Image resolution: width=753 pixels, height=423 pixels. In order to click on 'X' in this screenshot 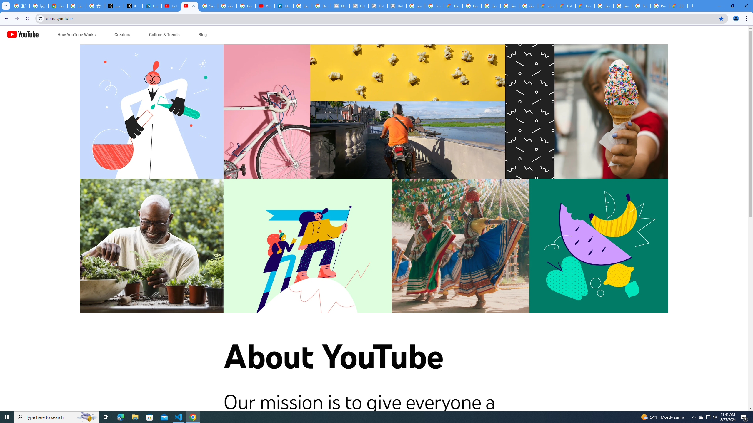, I will do `click(133, 6)`.